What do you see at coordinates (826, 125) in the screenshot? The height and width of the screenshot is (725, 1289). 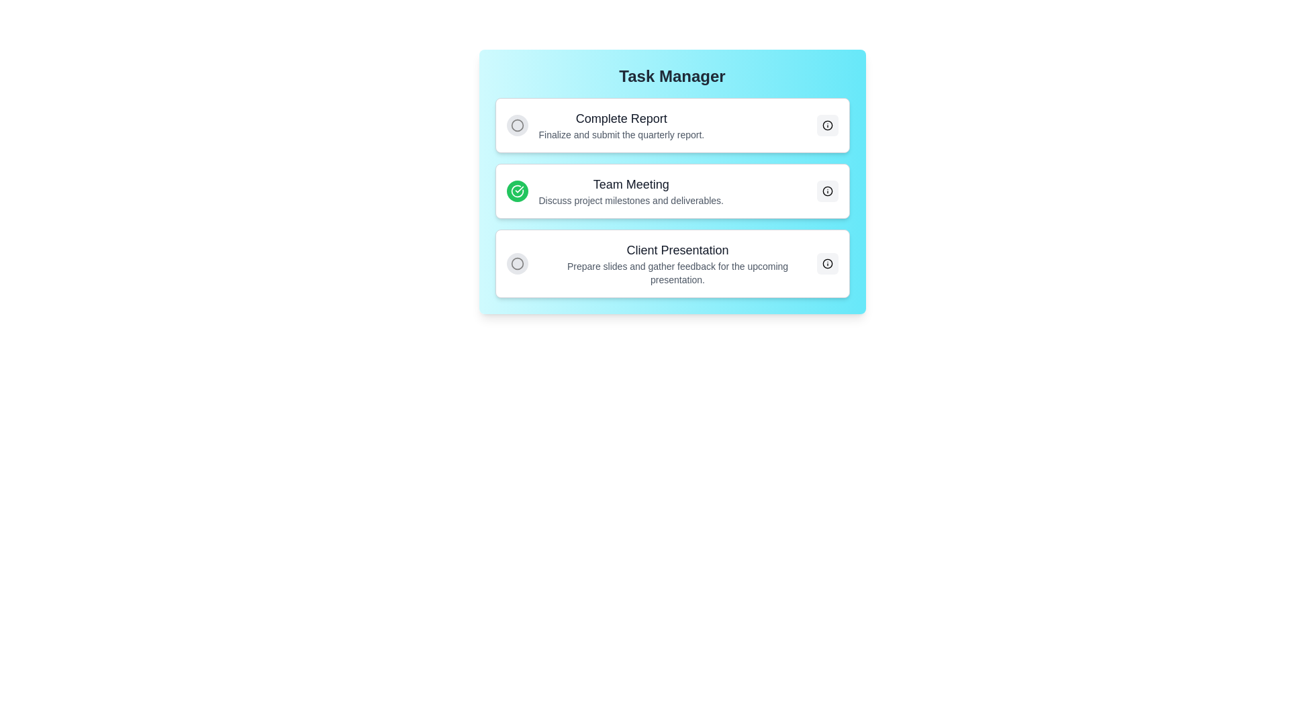 I see `the Information icon button located at the top right side of the first card in the list for the 'Complete Report' task` at bounding box center [826, 125].